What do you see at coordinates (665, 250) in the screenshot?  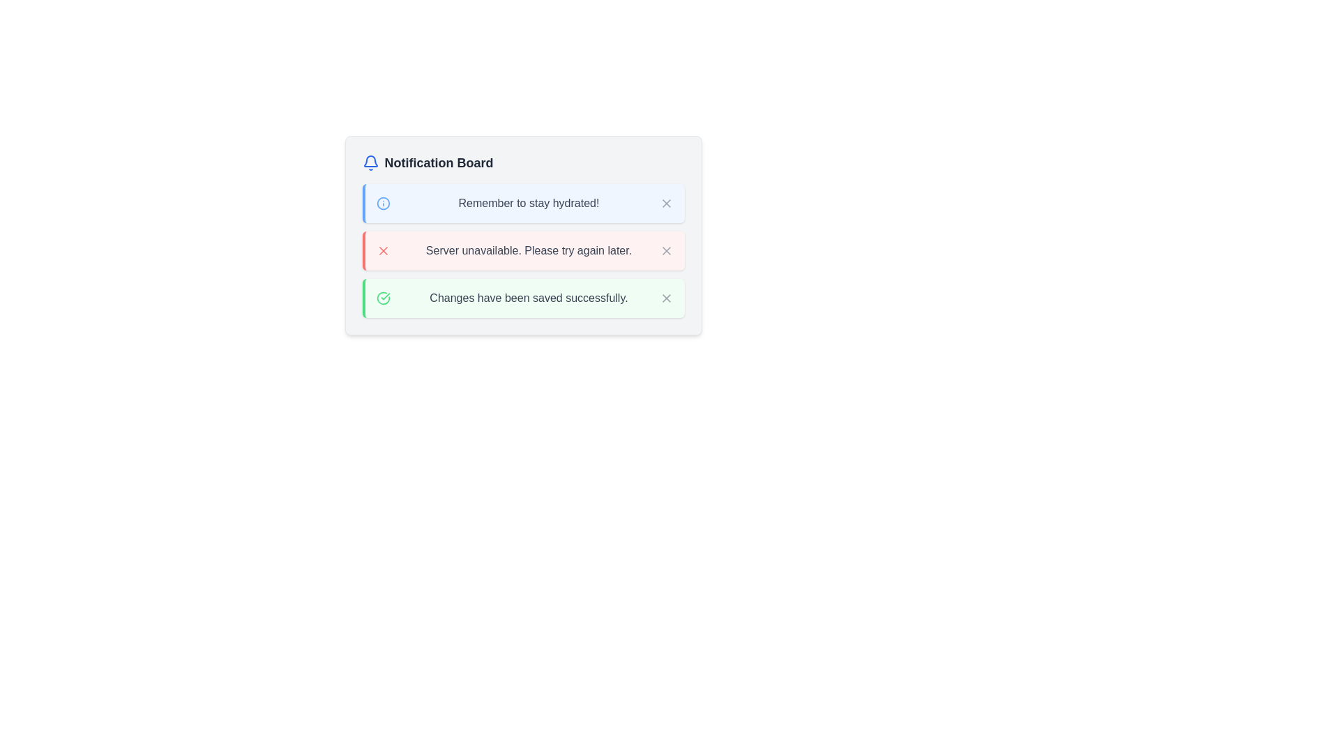 I see `the 'X' icon, which is located to the far-right of the notification bar displaying the message 'Server unavailable. Please try again later.'` at bounding box center [665, 250].